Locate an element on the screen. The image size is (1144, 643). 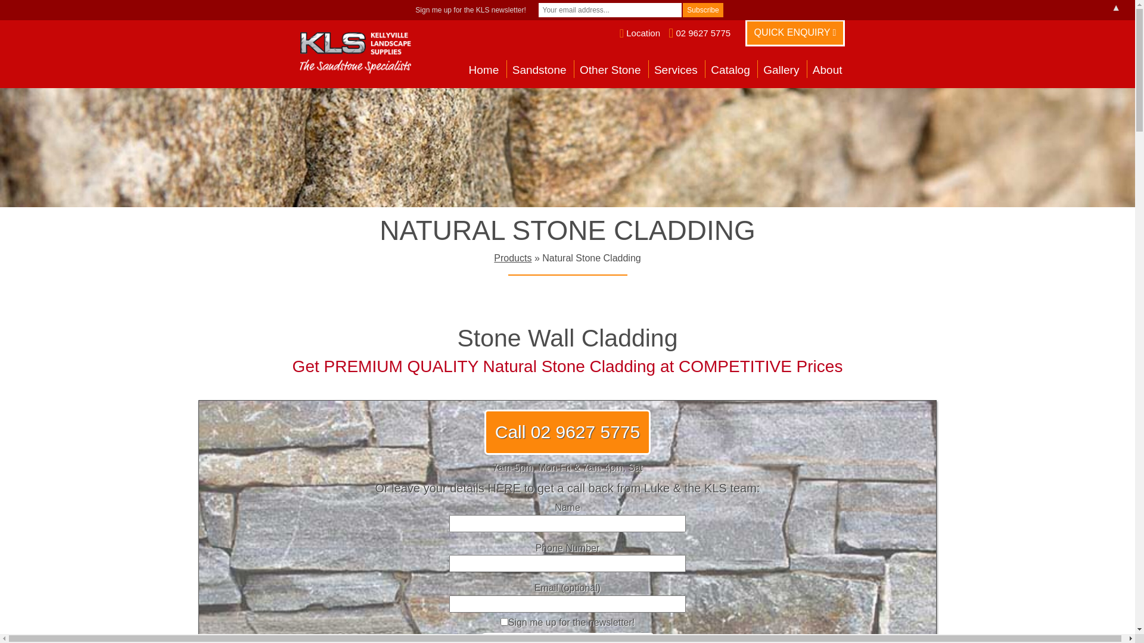
'Call 02 9627 5775' is located at coordinates (567, 432).